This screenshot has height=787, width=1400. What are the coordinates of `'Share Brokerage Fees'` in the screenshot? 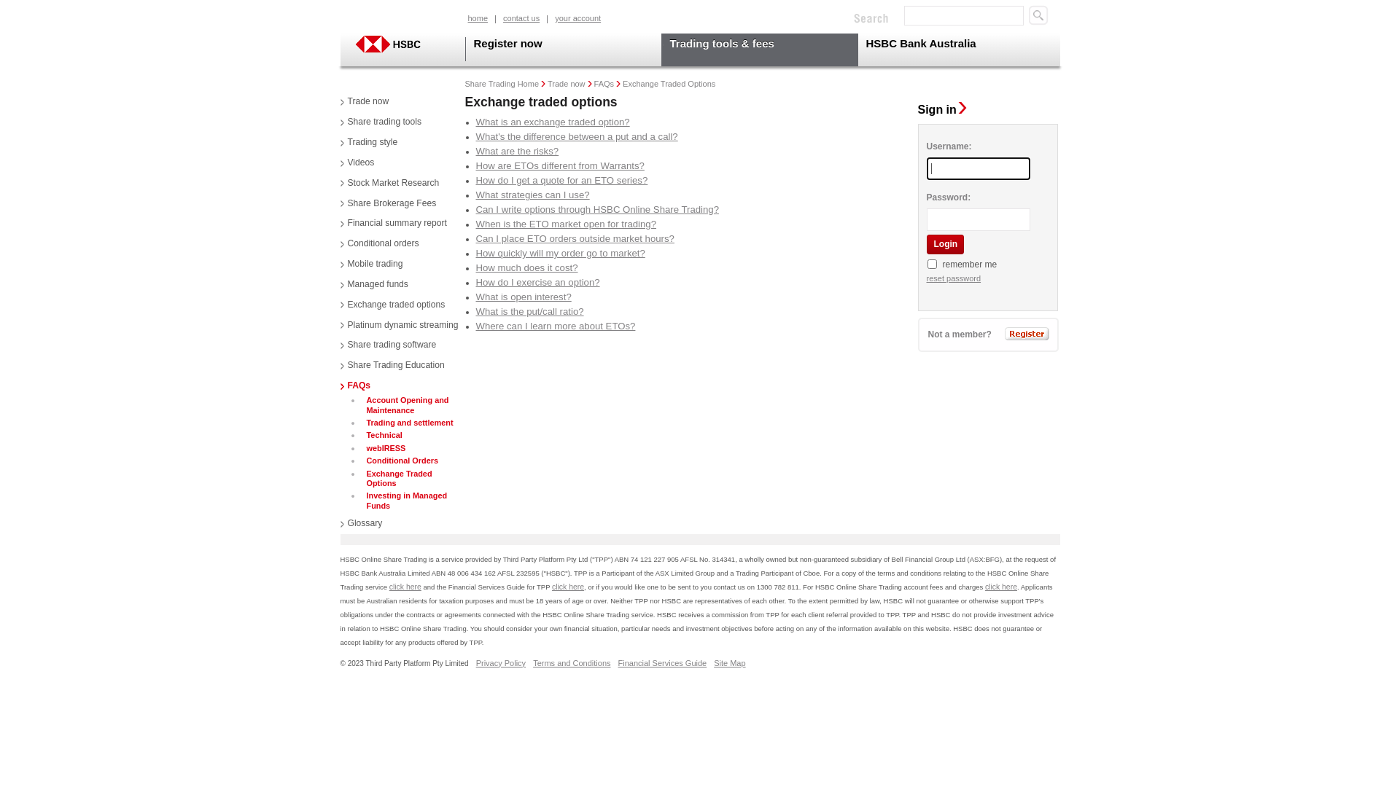 It's located at (388, 204).